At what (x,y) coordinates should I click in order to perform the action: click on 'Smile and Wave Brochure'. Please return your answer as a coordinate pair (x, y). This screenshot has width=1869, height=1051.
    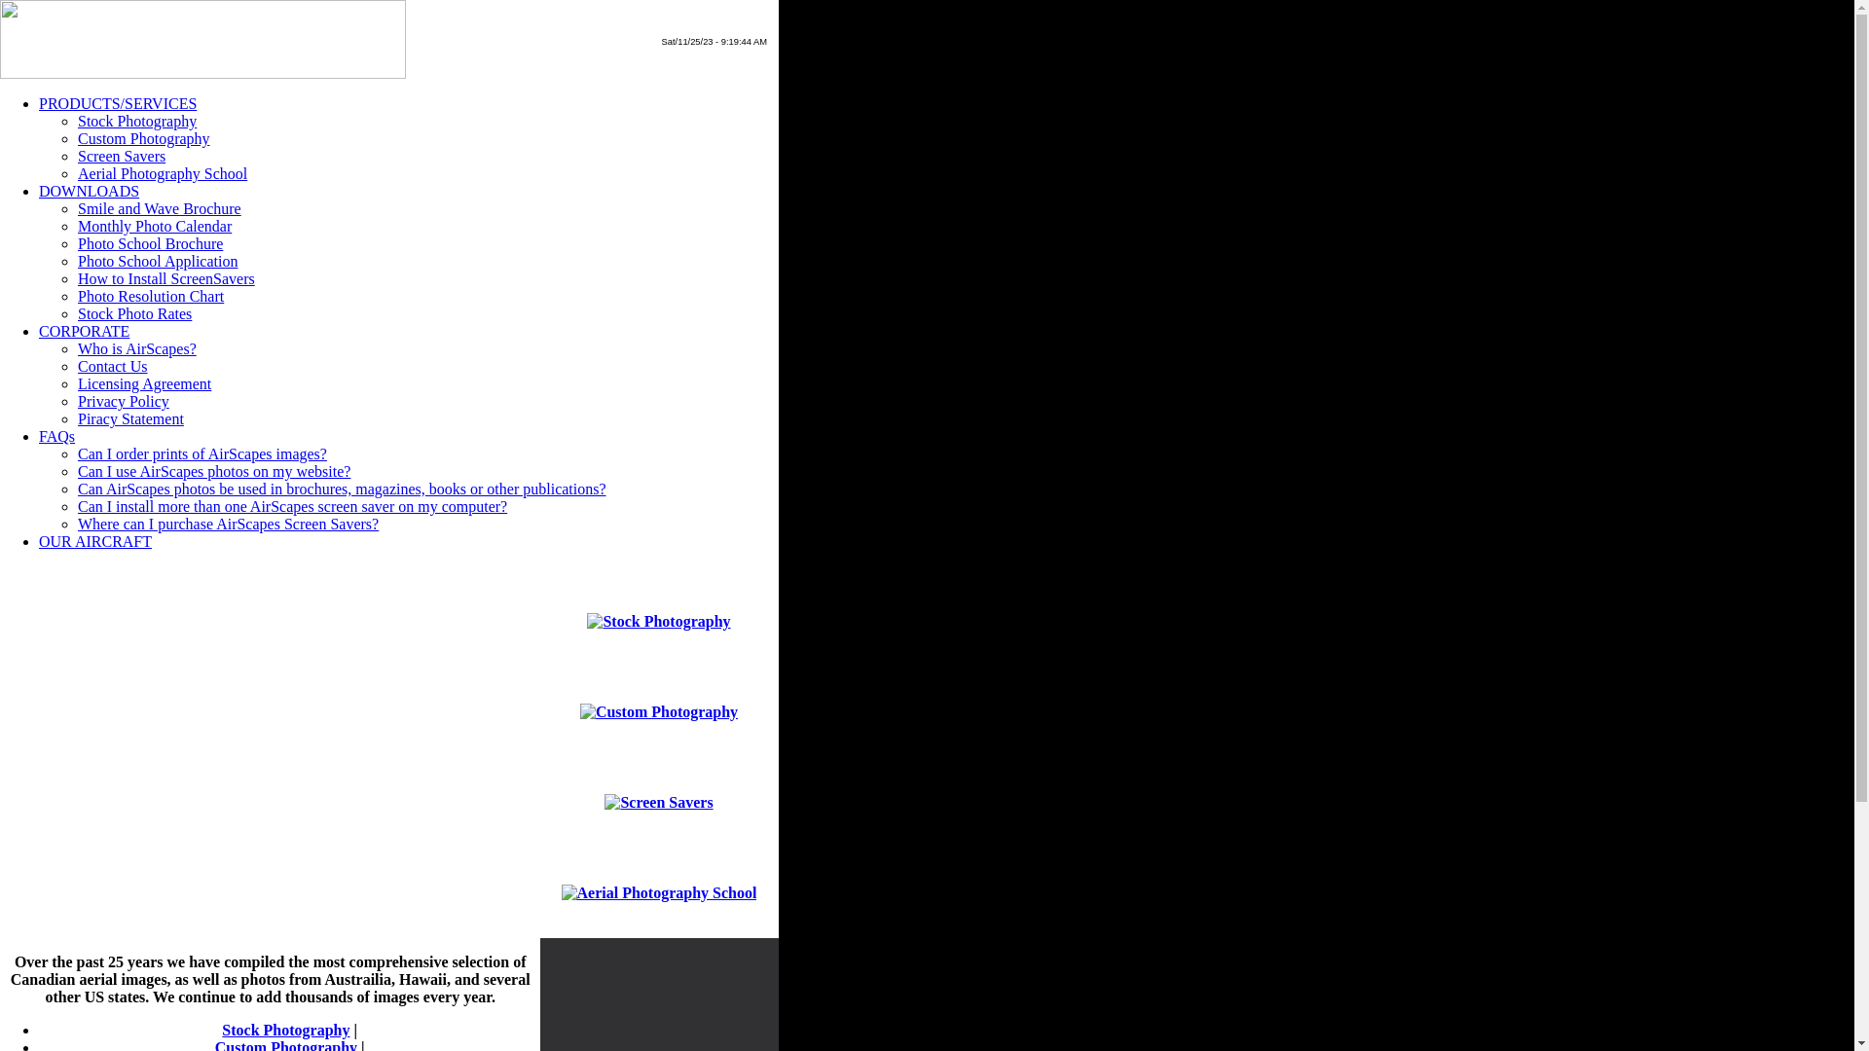
    Looking at the image, I should click on (78, 208).